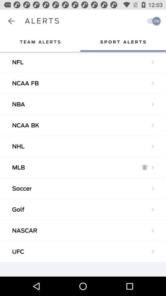  I want to click on the arrow beside ufc in the bottom right of the web page, so click(152, 252).